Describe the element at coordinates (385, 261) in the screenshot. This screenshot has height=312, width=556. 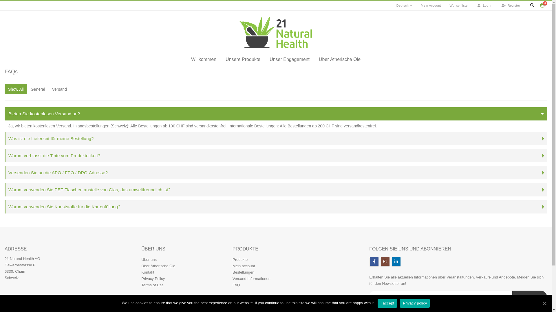
I see `'Instagram'` at that location.